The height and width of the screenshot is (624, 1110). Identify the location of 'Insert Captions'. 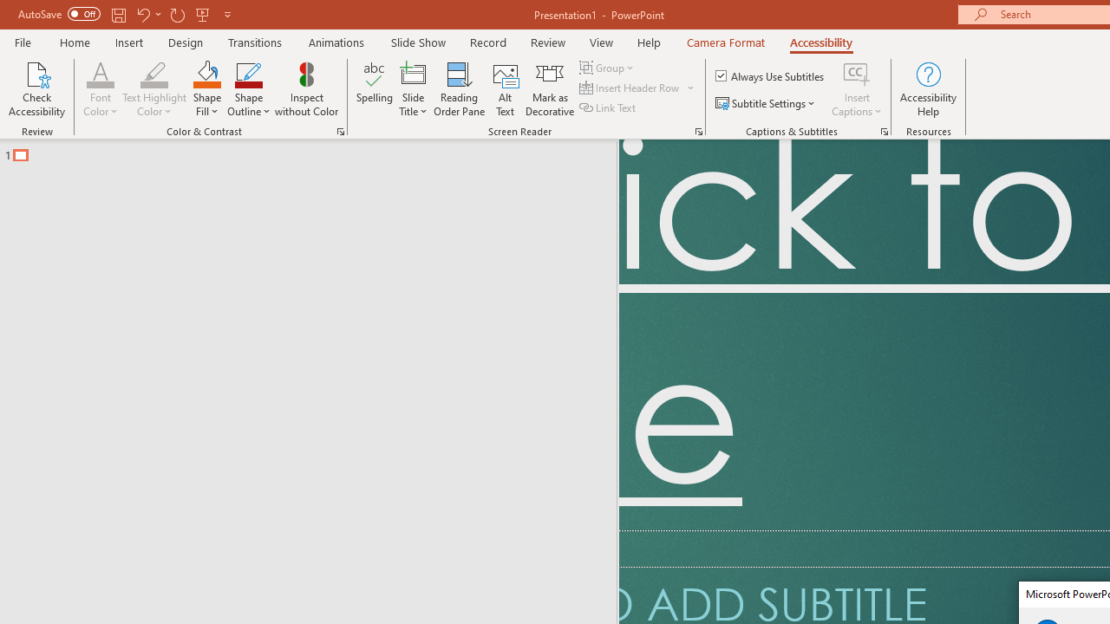
(857, 73).